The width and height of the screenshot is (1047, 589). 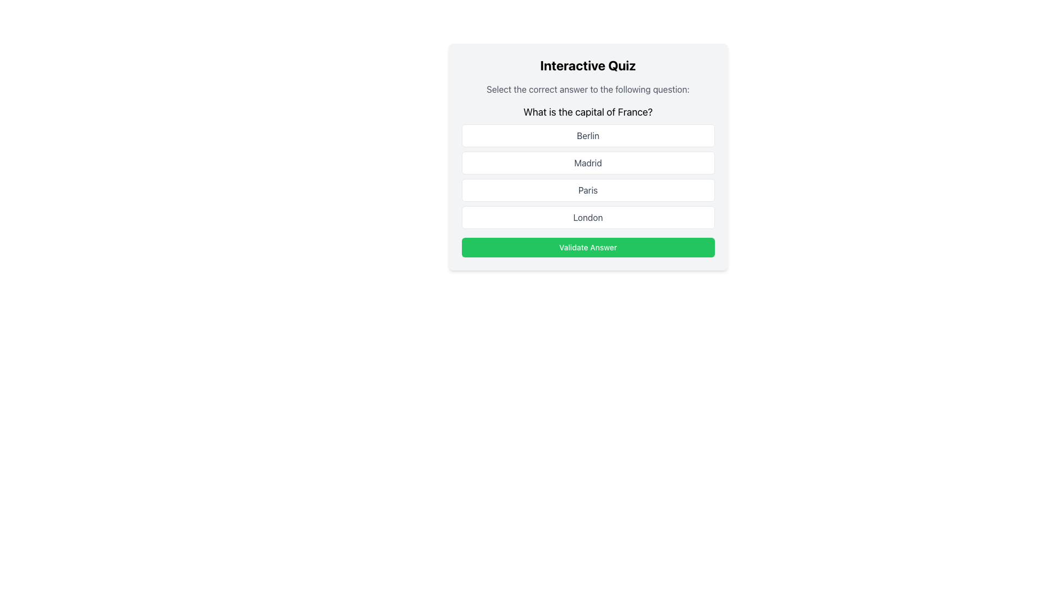 I want to click on the submit button located at the bottom of the interactive quiz section, so click(x=587, y=248).